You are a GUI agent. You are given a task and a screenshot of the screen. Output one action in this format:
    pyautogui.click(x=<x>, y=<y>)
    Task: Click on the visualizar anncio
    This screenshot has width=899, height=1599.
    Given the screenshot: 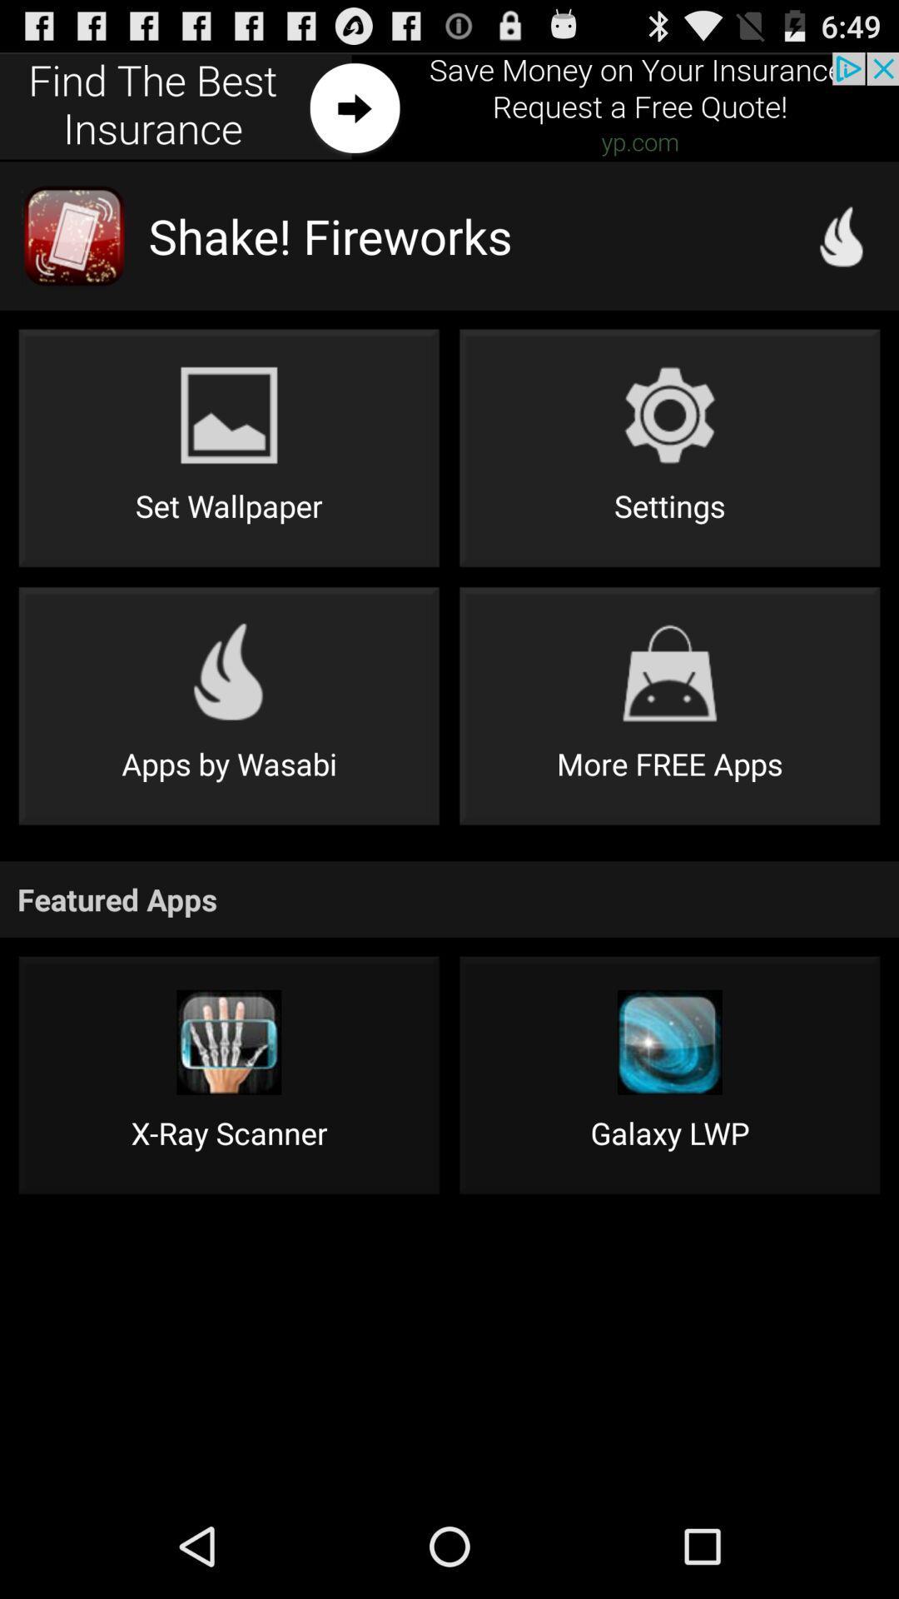 What is the action you would take?
    pyautogui.click(x=449, y=106)
    